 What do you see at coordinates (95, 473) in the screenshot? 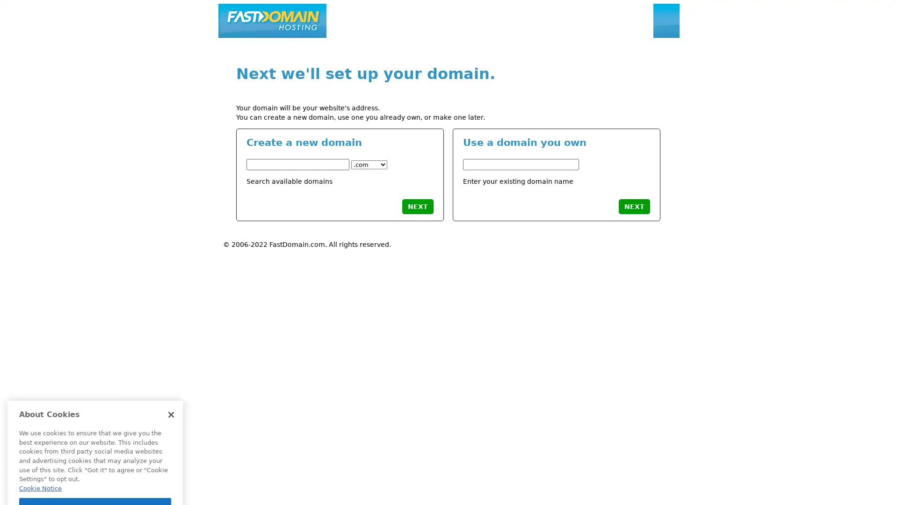
I see `Cookies Settings` at bounding box center [95, 473].